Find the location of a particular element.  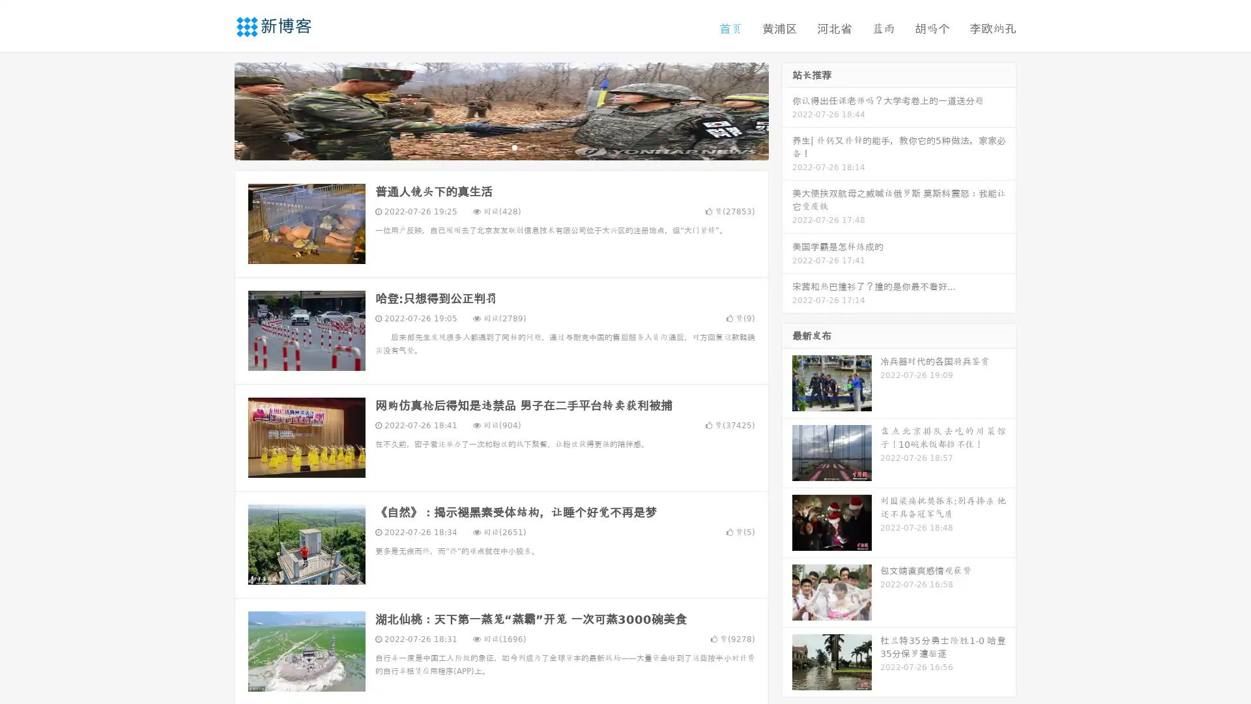

Previous slide is located at coordinates (215, 110).